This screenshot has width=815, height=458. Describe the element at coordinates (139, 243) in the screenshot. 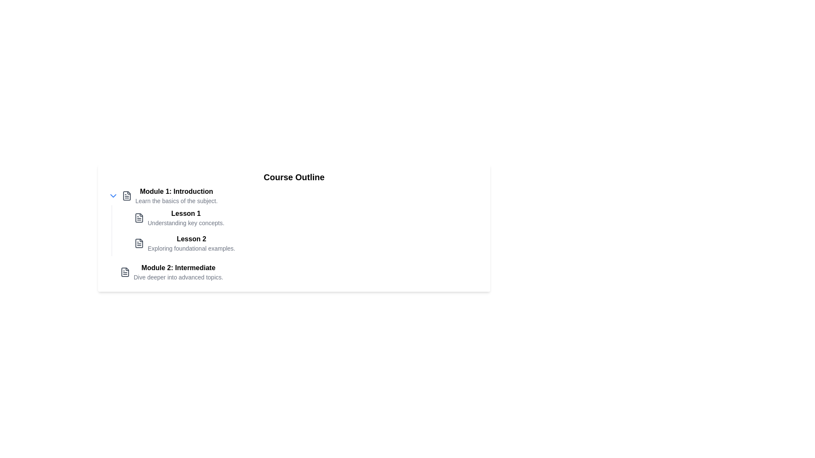

I see `the document-shaped icon located beside 'Lesson 2' under 'Module 1: Introduction'` at that location.